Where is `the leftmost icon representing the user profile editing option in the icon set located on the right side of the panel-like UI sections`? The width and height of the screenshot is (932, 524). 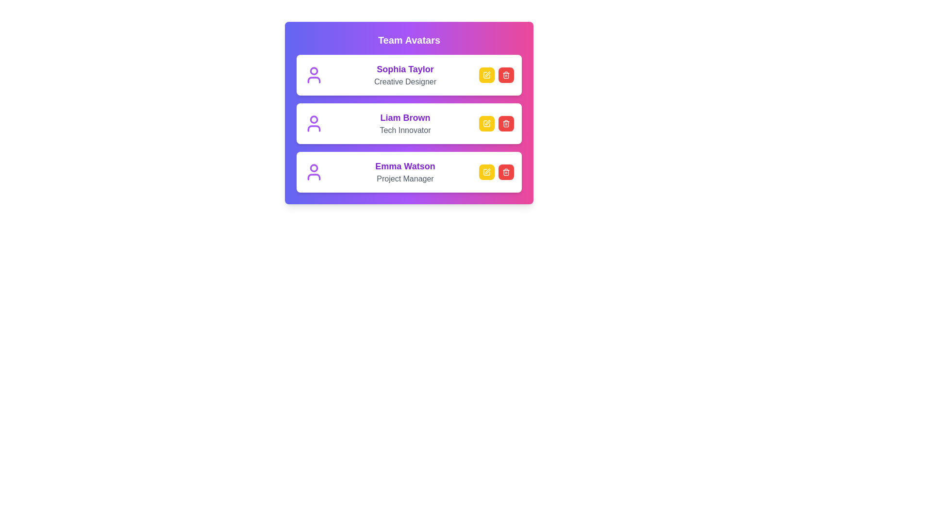
the leftmost icon representing the user profile editing option in the icon set located on the right side of the panel-like UI sections is located at coordinates (487, 171).